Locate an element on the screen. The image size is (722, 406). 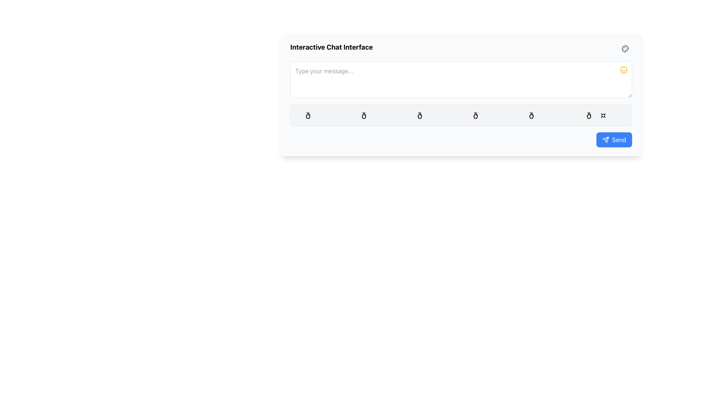
the circular icon button with a palette design located in the top-right corner of the 'Interactive Chat Interface' section is located at coordinates (625, 49).